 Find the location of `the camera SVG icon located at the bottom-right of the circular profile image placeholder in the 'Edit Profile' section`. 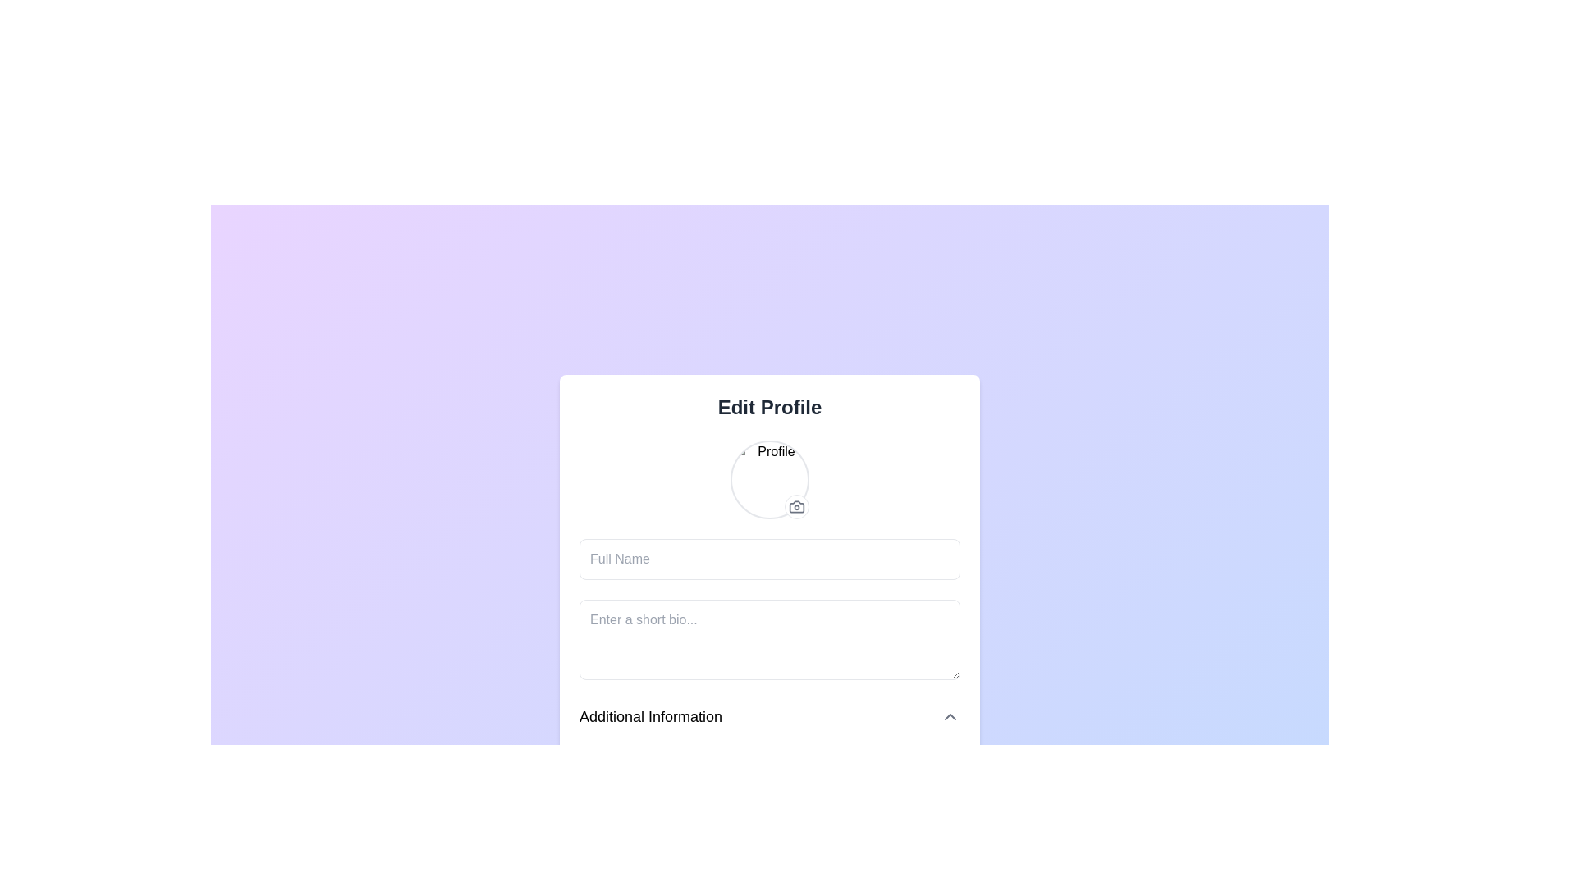

the camera SVG icon located at the bottom-right of the circular profile image placeholder in the 'Edit Profile' section is located at coordinates (796, 505).